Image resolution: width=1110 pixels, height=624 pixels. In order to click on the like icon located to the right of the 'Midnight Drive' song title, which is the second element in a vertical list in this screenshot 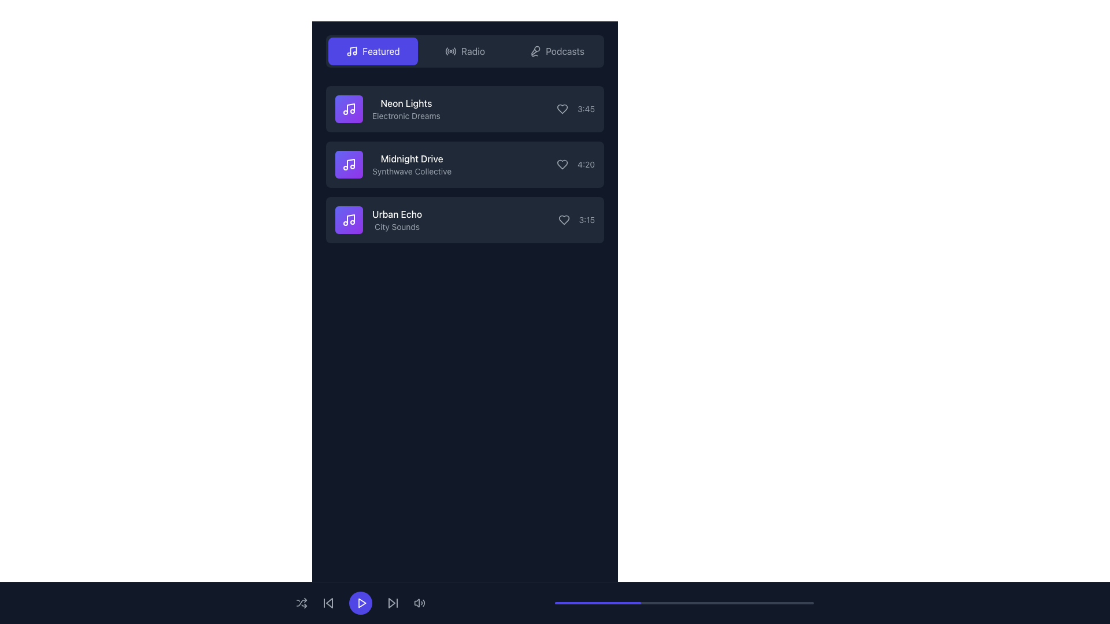, I will do `click(563, 165)`.